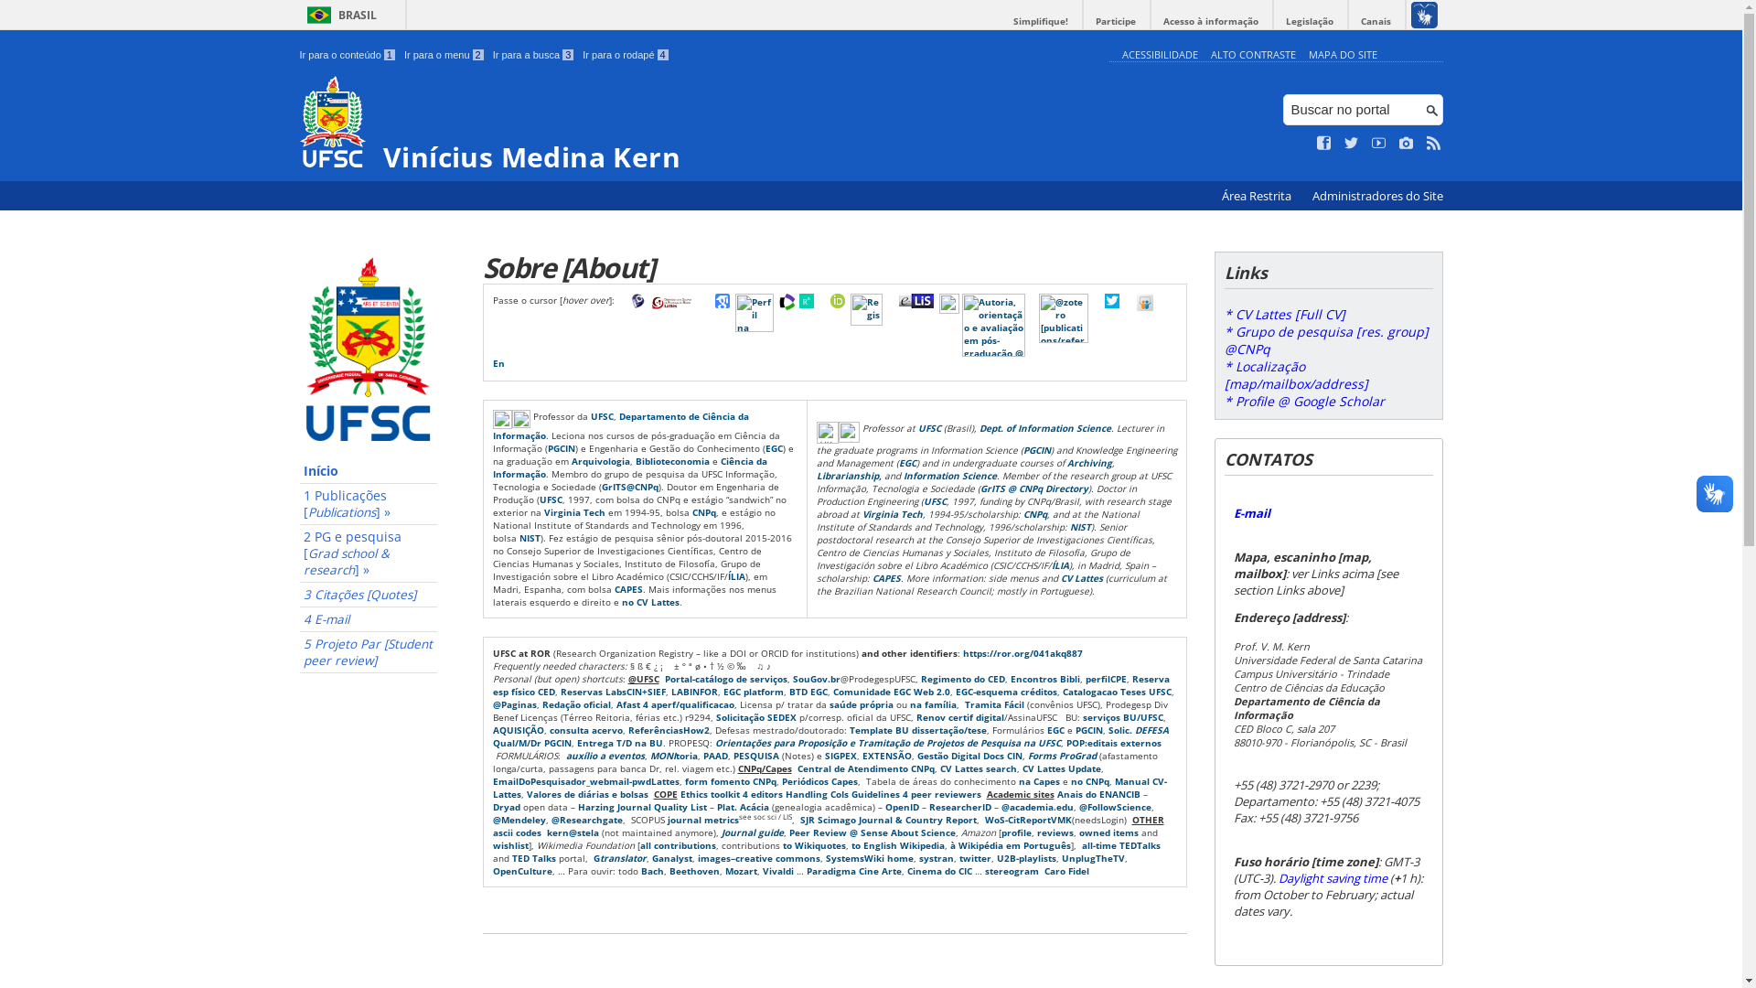 The width and height of the screenshot is (1756, 988). Describe the element at coordinates (517, 818) in the screenshot. I see `'@Mendeley'` at that location.